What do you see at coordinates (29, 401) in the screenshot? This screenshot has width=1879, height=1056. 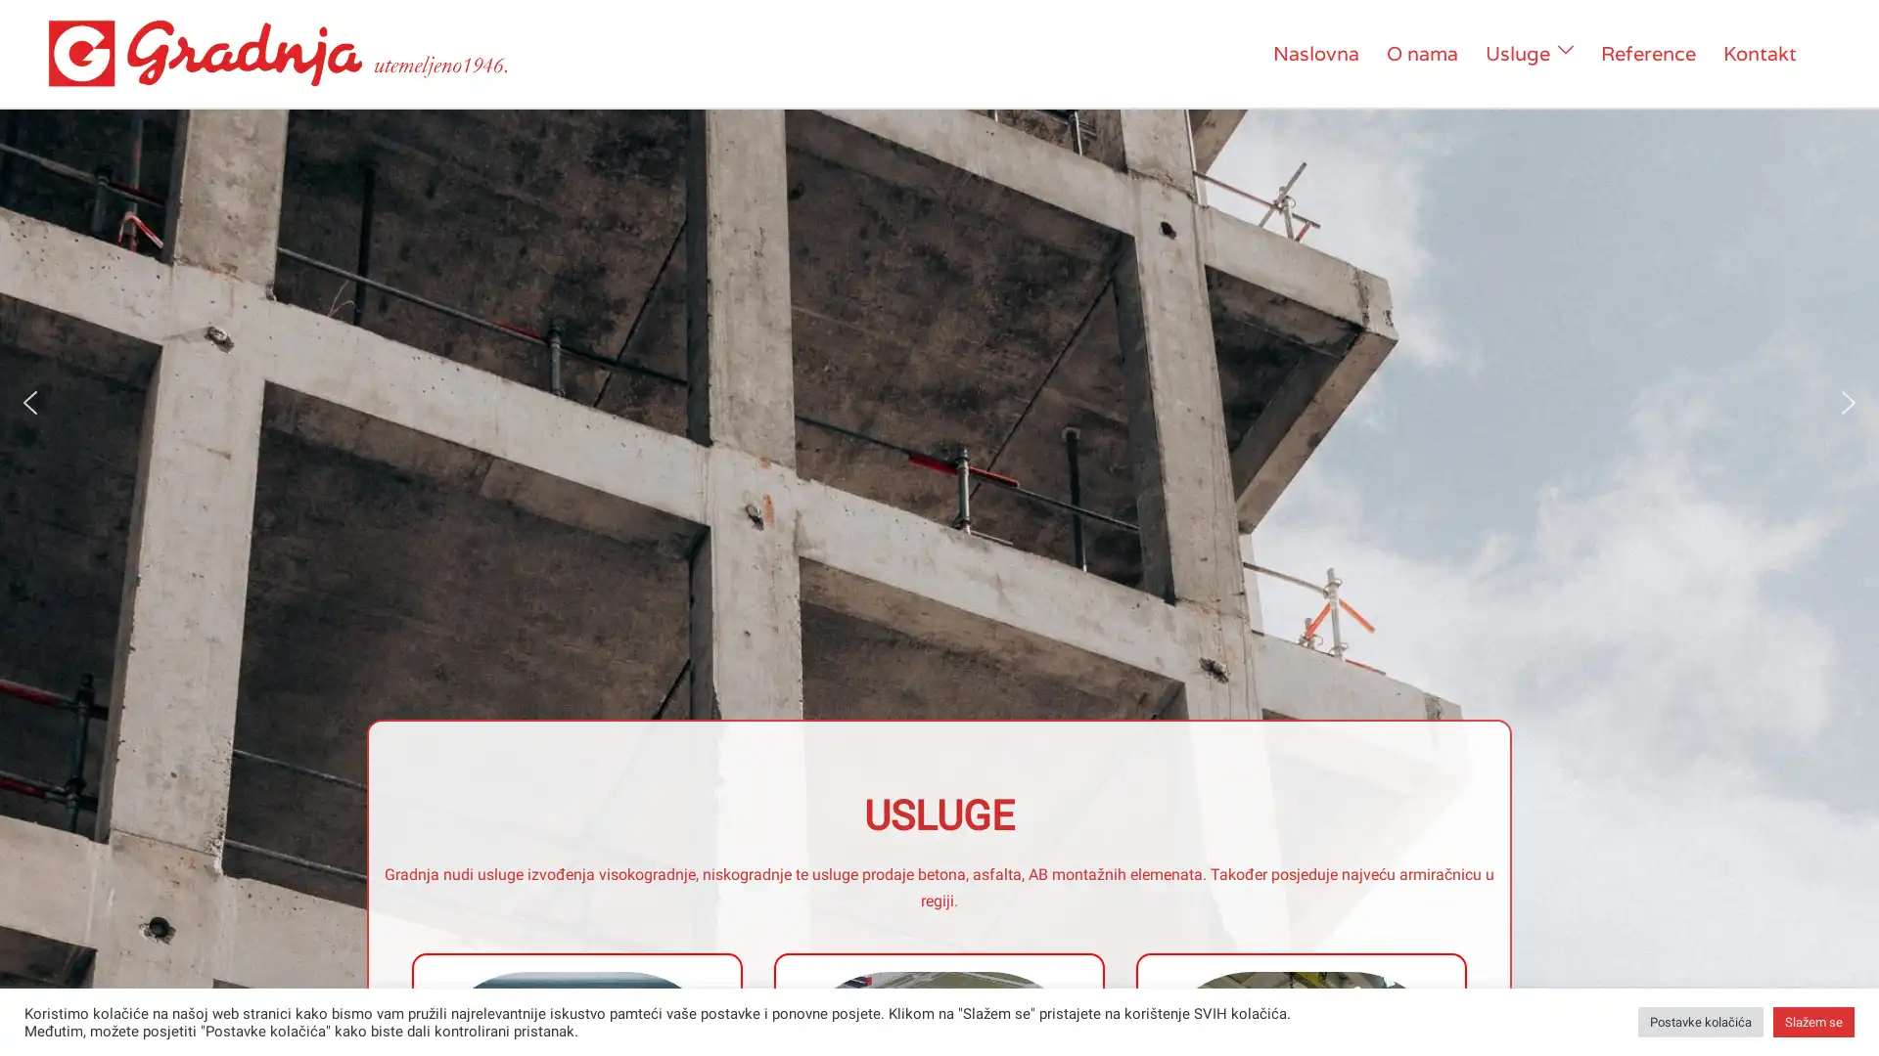 I see `previous arrow` at bounding box center [29, 401].